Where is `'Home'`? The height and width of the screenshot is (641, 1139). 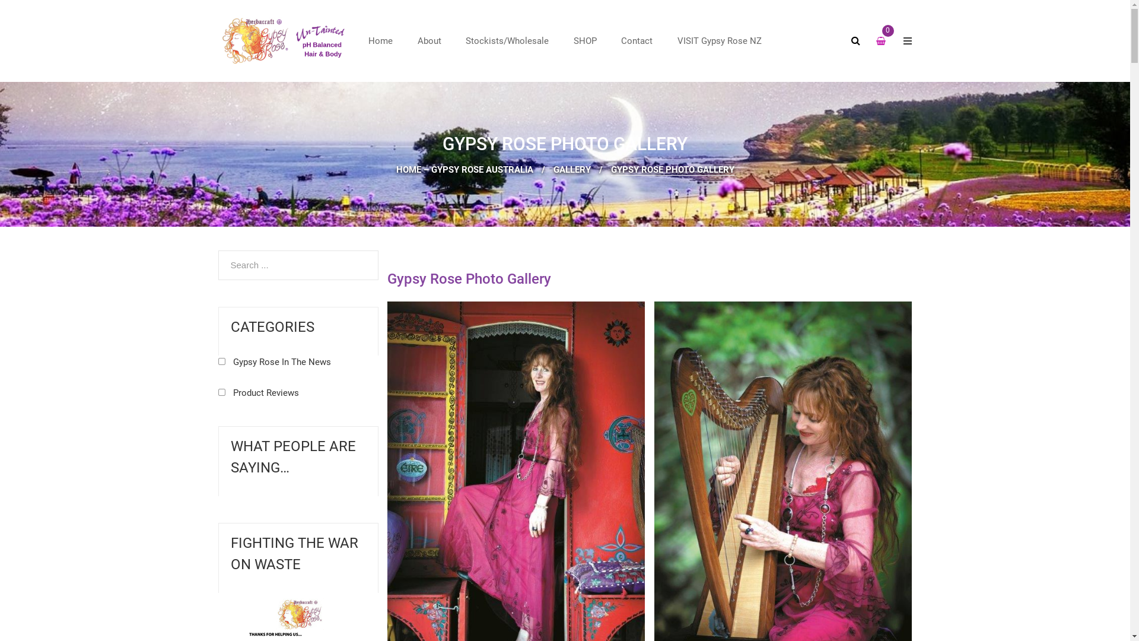 'Home' is located at coordinates (380, 40).